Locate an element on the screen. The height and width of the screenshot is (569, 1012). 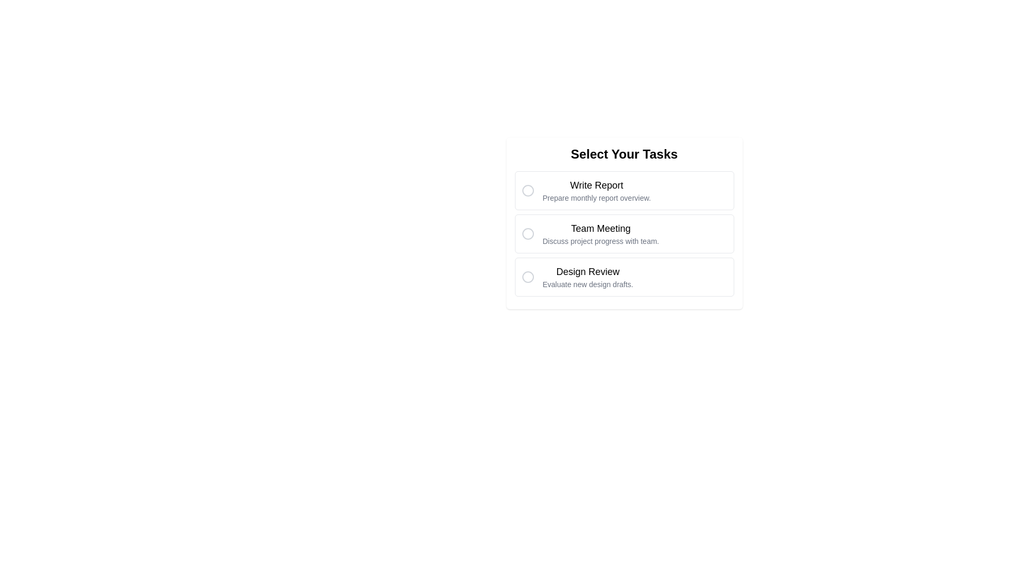
the radio button indicating the selection state of the 'Design Review' task is located at coordinates (528, 276).